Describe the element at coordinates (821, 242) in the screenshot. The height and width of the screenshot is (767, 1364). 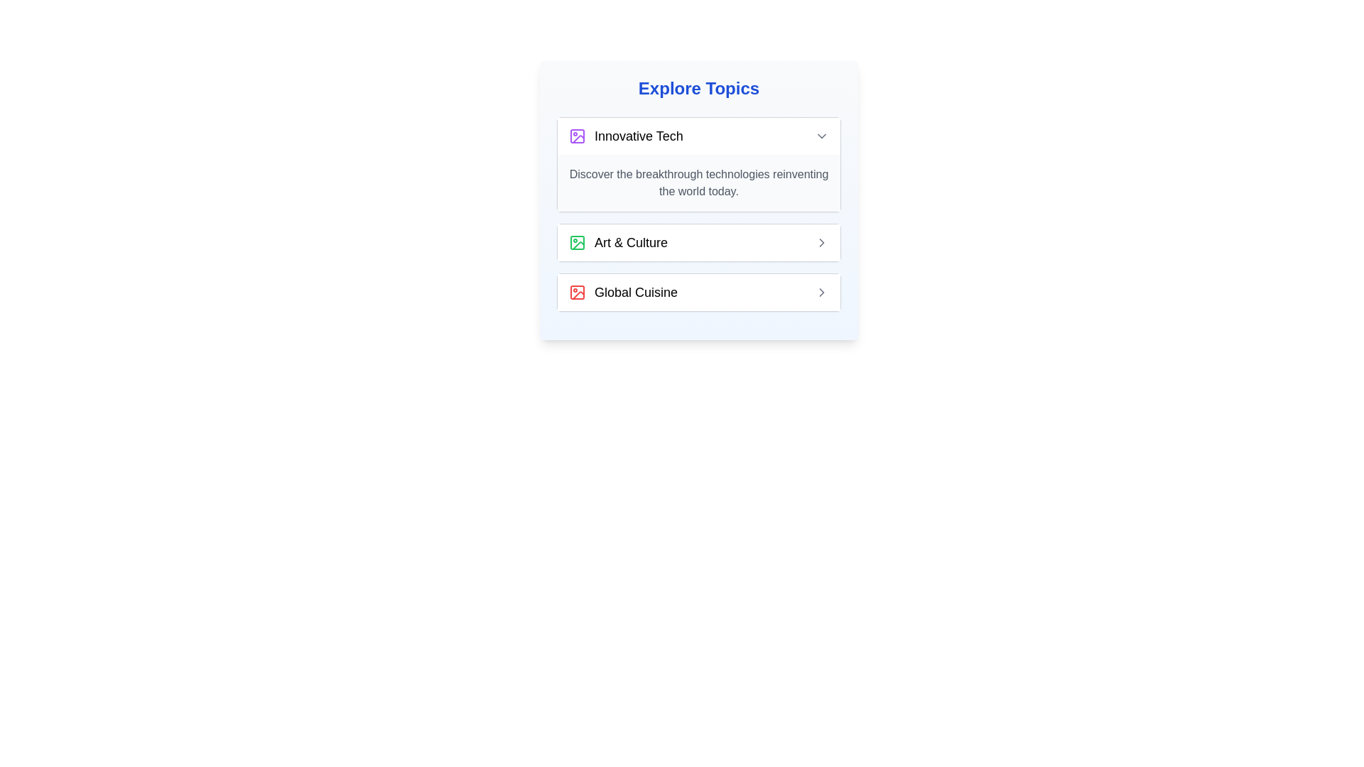
I see `the small right-facing chevron arrow icon styled in gray, located next to the 'Art & Culture' label` at that location.